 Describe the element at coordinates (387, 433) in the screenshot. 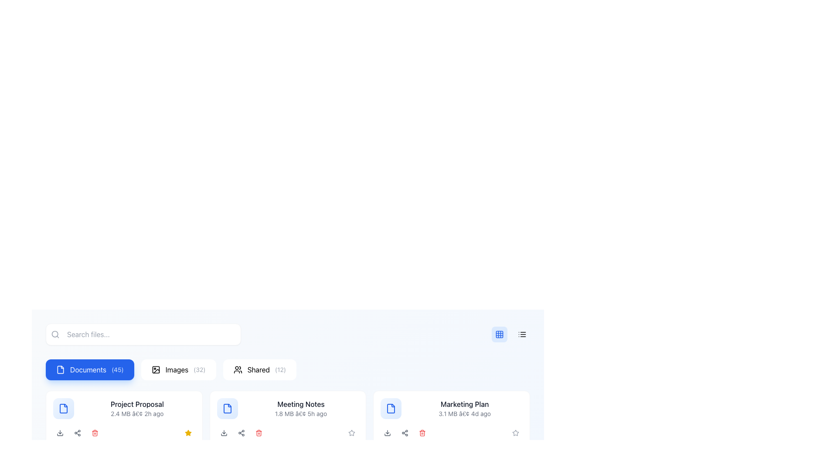

I see `the first button from the left in the horizontal series of icons within the 'Marketing Plan' card to initiate the download action for the associated file` at that location.